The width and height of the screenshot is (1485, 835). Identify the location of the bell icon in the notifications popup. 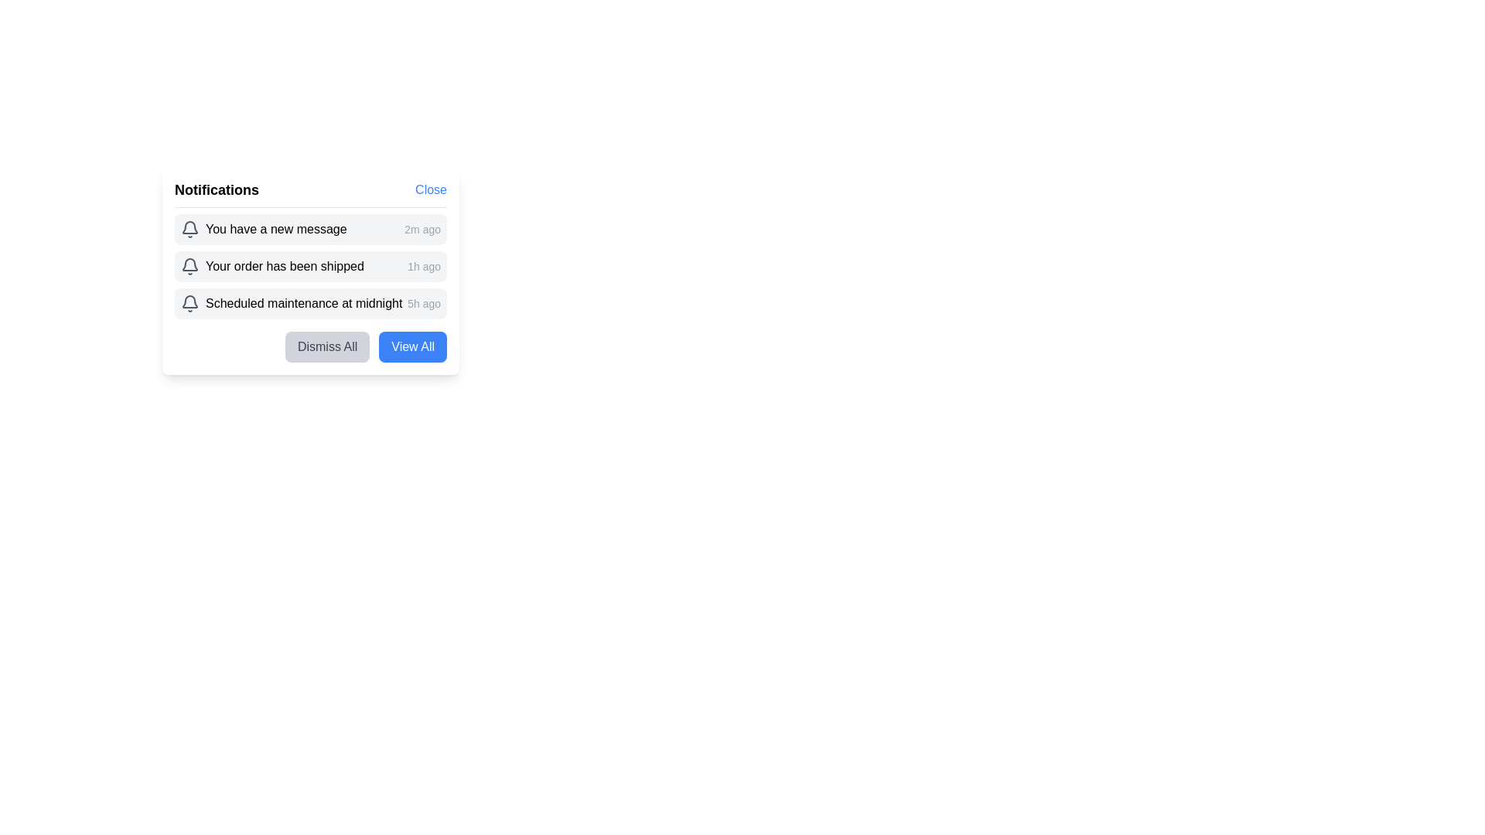
(189, 230).